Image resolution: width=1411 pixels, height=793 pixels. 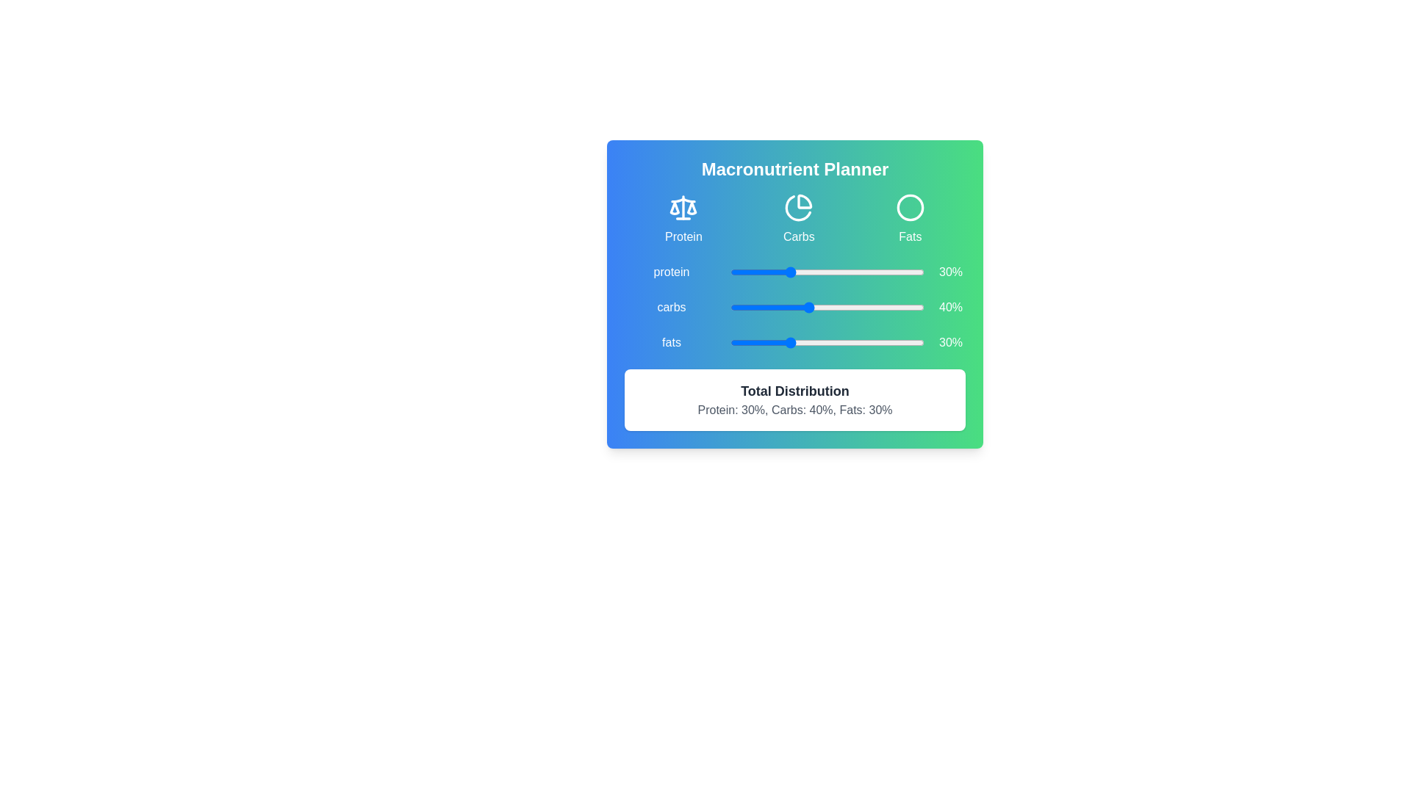 I want to click on the fats percentage, so click(x=877, y=342).